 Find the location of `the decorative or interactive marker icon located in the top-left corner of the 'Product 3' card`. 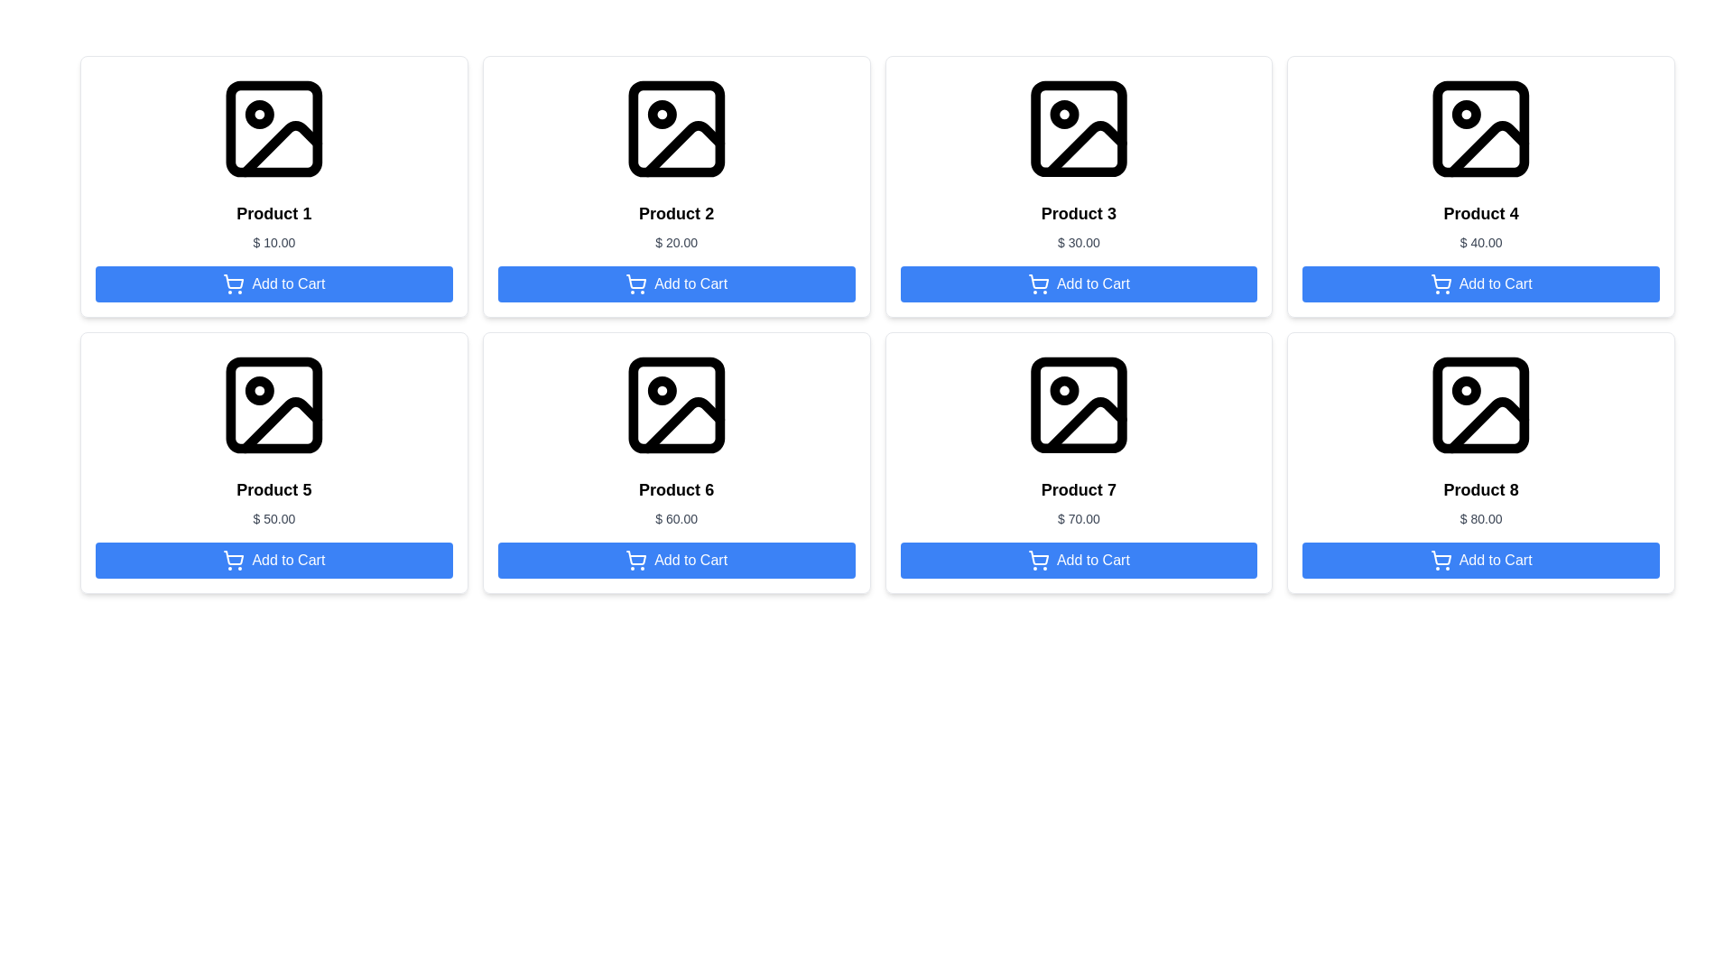

the decorative or interactive marker icon located in the top-left corner of the 'Product 3' card is located at coordinates (1064, 115).